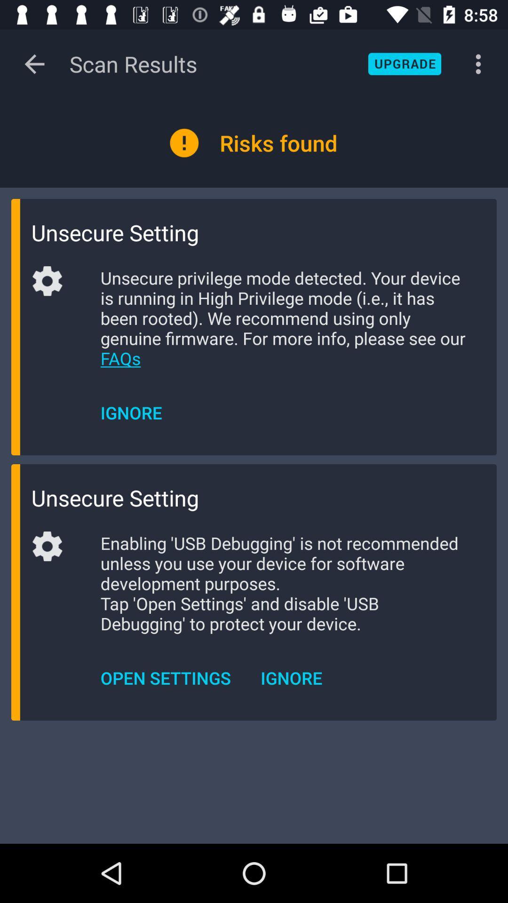 This screenshot has width=508, height=903. Describe the element at coordinates (284, 318) in the screenshot. I see `icon below the unsecure setting icon` at that location.